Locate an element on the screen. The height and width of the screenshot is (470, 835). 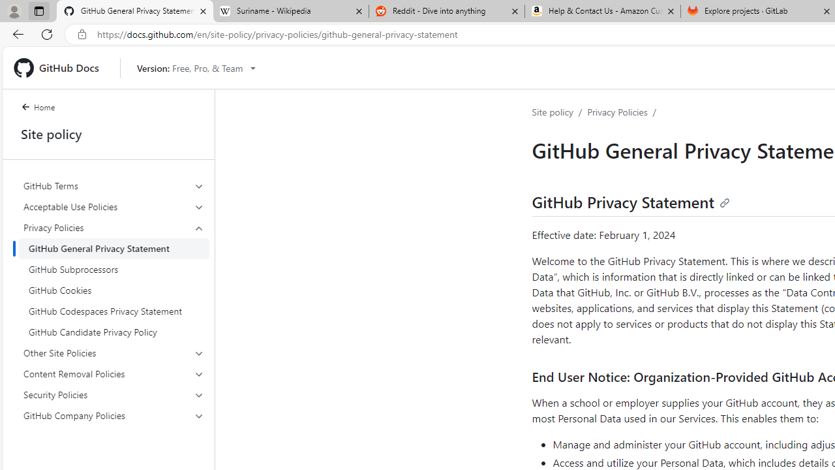
'GitHub Subprocessors' is located at coordinates (114, 268).